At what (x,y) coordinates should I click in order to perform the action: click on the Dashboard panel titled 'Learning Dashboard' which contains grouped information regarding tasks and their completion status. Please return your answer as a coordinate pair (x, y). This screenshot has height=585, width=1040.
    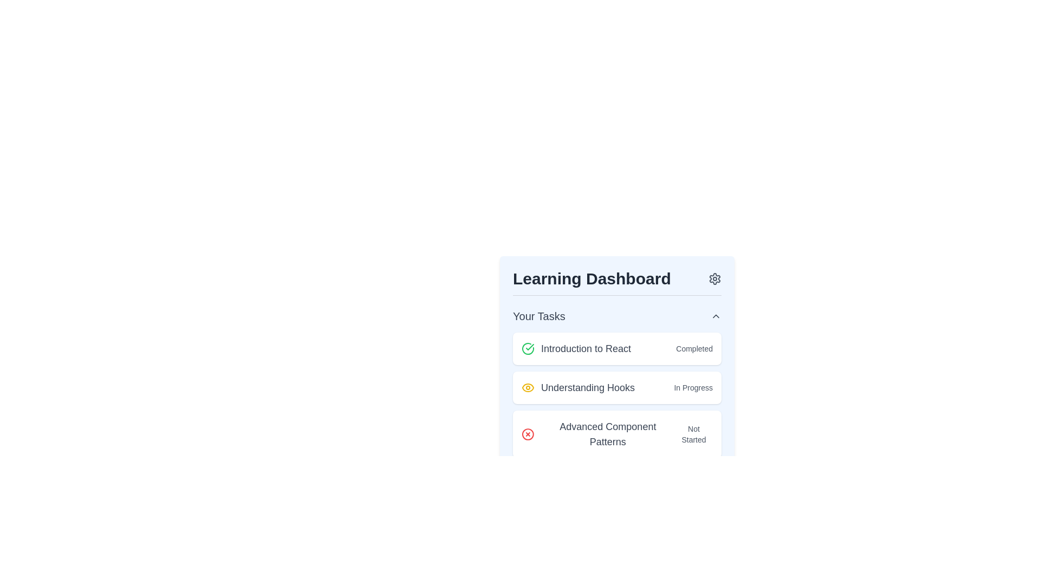
    Looking at the image, I should click on (617, 340).